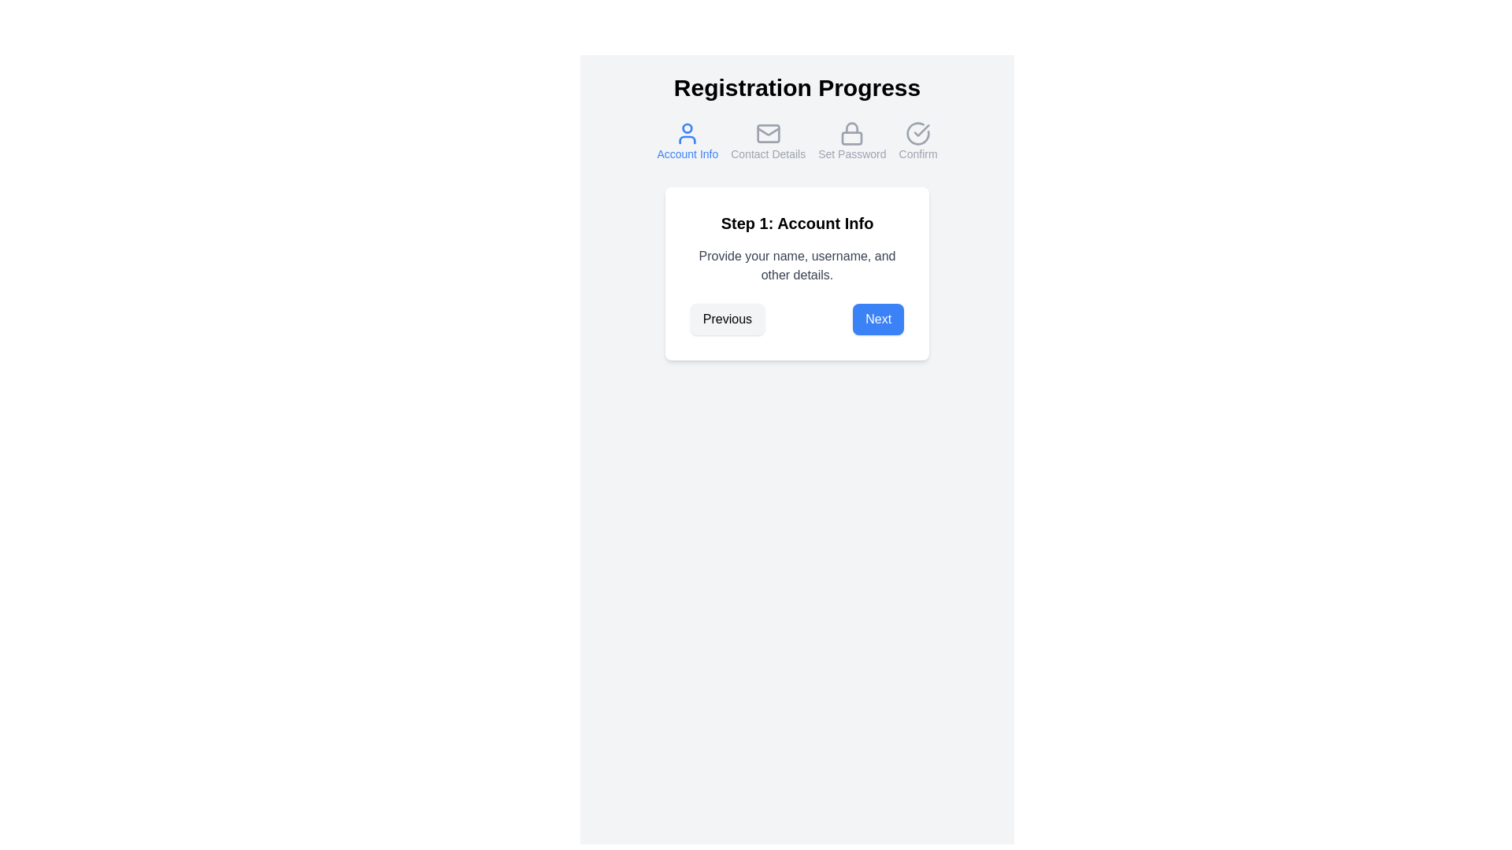 The height and width of the screenshot is (850, 1512). I want to click on the main body of the envelope graphic located in the top navigation bar between 'Account Info' and 'Set Password', so click(768, 132).